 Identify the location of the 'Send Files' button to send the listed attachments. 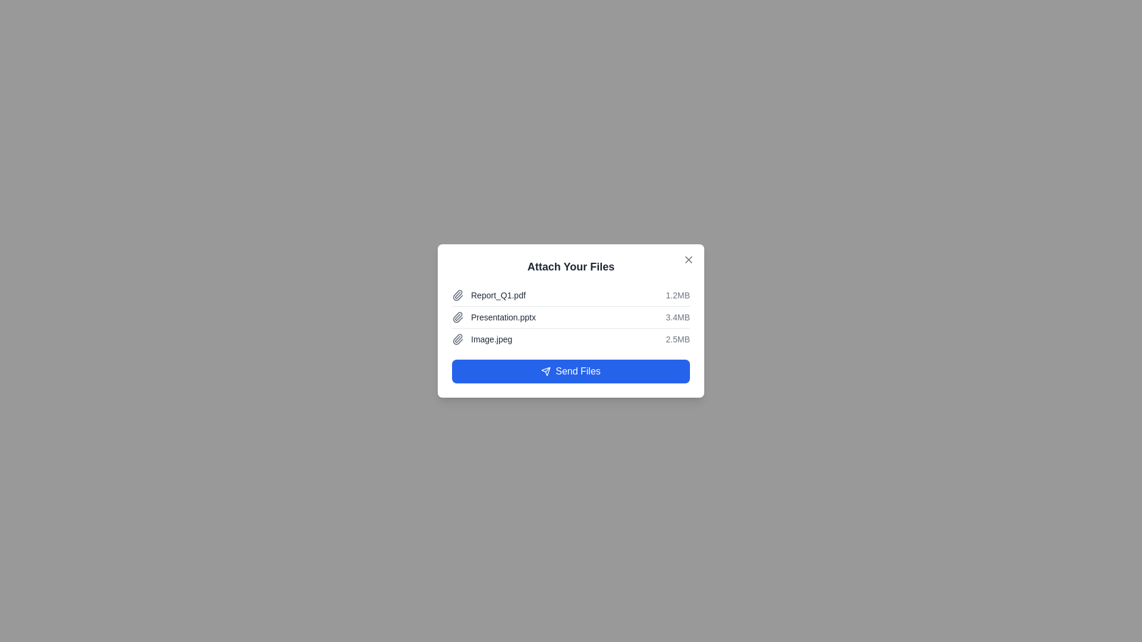
(571, 370).